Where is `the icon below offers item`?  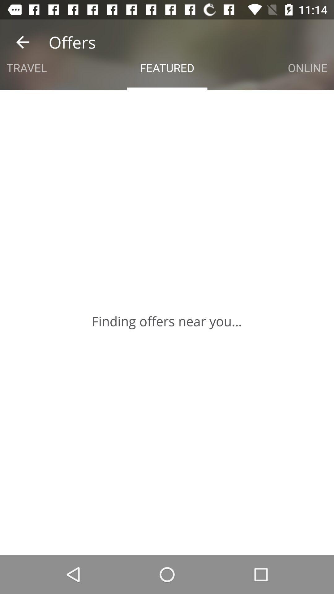
the icon below offers item is located at coordinates (26, 68).